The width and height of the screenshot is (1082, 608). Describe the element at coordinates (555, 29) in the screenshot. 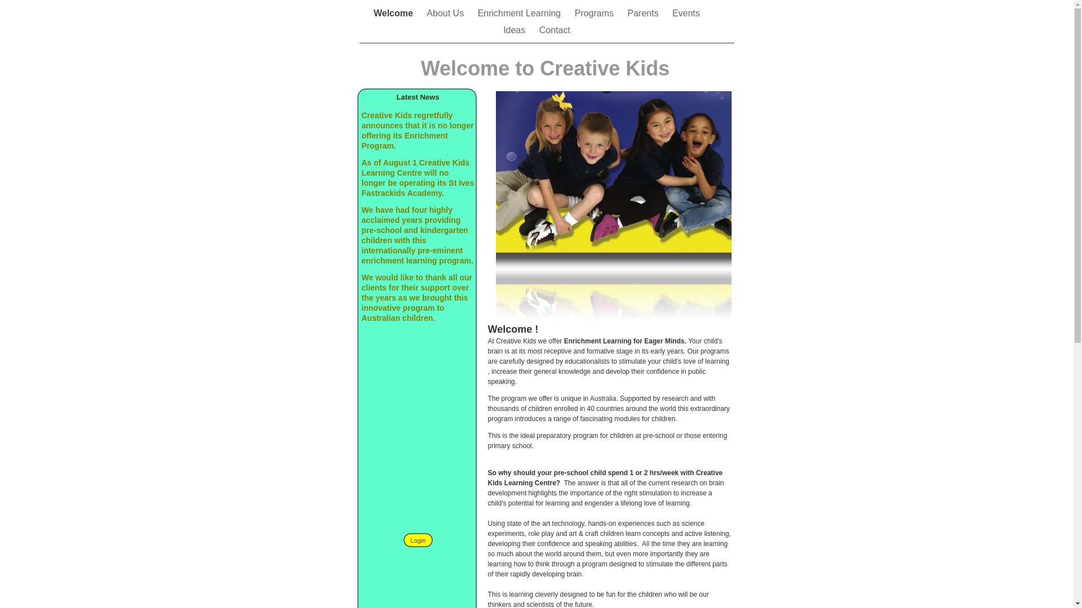

I see `'Contact'` at that location.